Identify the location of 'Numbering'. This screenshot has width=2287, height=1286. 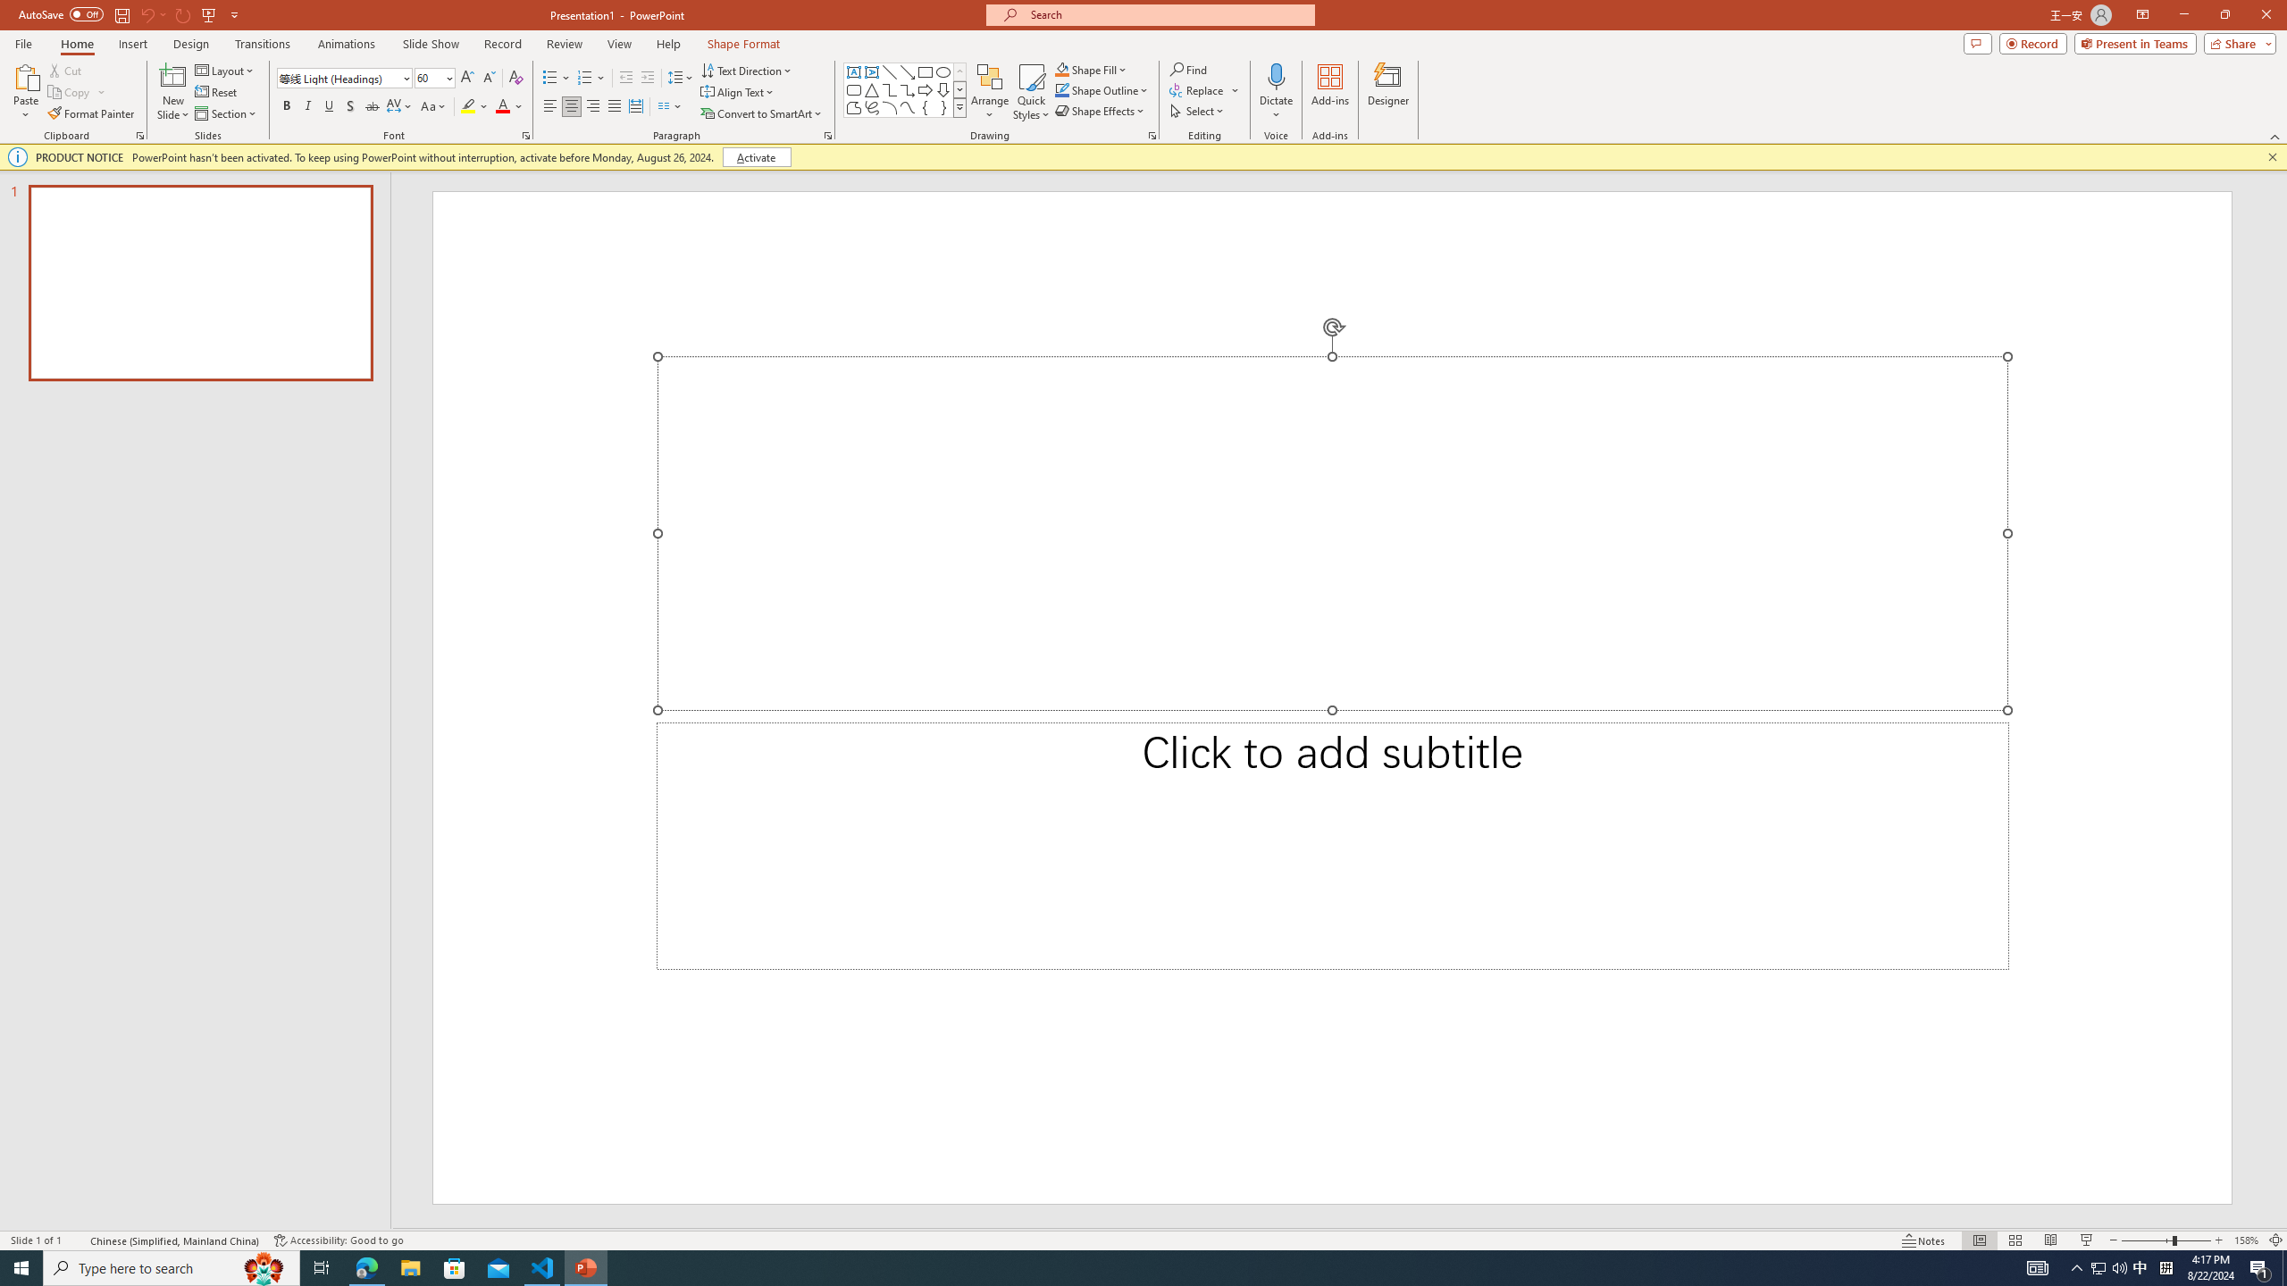
(592, 78).